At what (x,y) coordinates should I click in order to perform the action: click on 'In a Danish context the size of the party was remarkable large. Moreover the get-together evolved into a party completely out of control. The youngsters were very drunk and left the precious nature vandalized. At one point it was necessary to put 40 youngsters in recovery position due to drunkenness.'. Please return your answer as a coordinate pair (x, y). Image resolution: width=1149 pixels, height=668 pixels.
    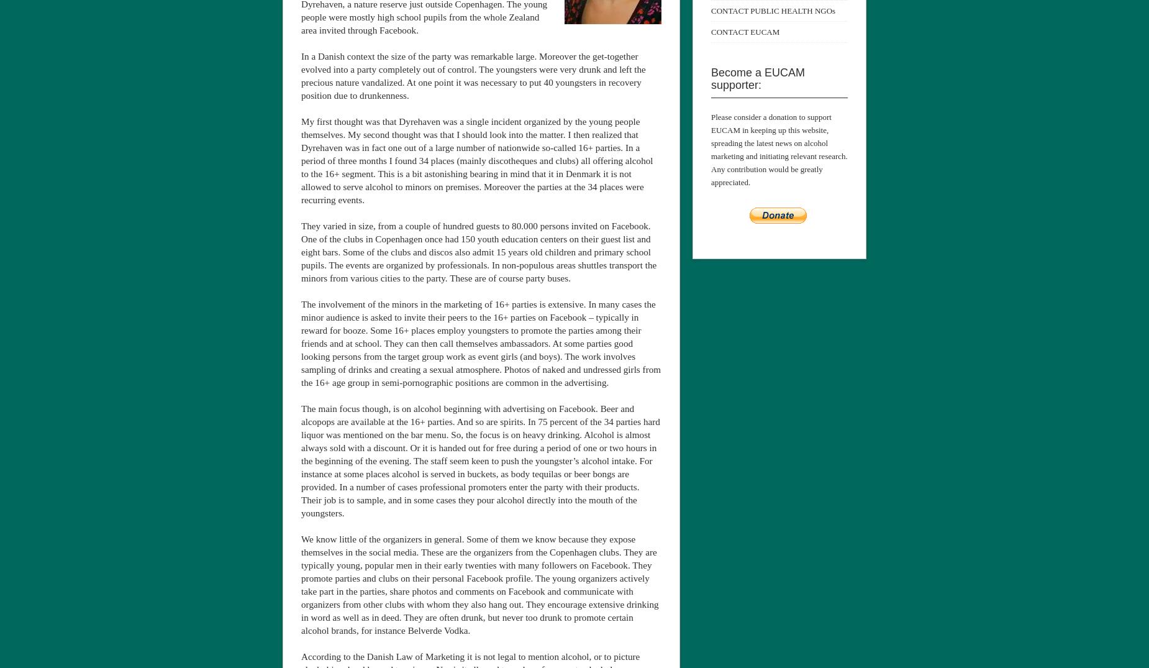
    Looking at the image, I should click on (473, 75).